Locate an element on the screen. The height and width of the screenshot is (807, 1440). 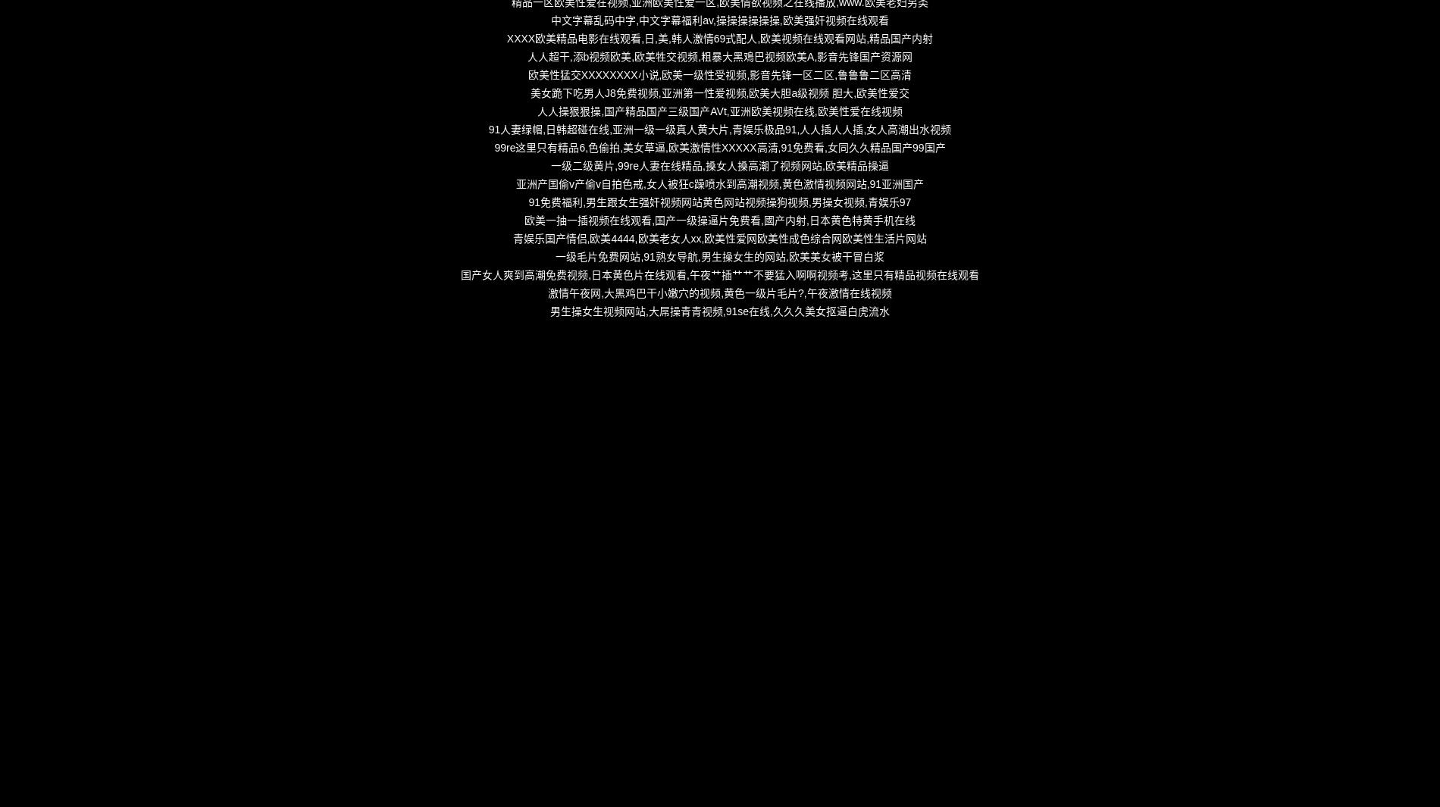
'人人操狠狠操,国产精品国产三级国产AVt,亚洲欧美视频在线,欧美性爱在线视频' is located at coordinates (718, 110).